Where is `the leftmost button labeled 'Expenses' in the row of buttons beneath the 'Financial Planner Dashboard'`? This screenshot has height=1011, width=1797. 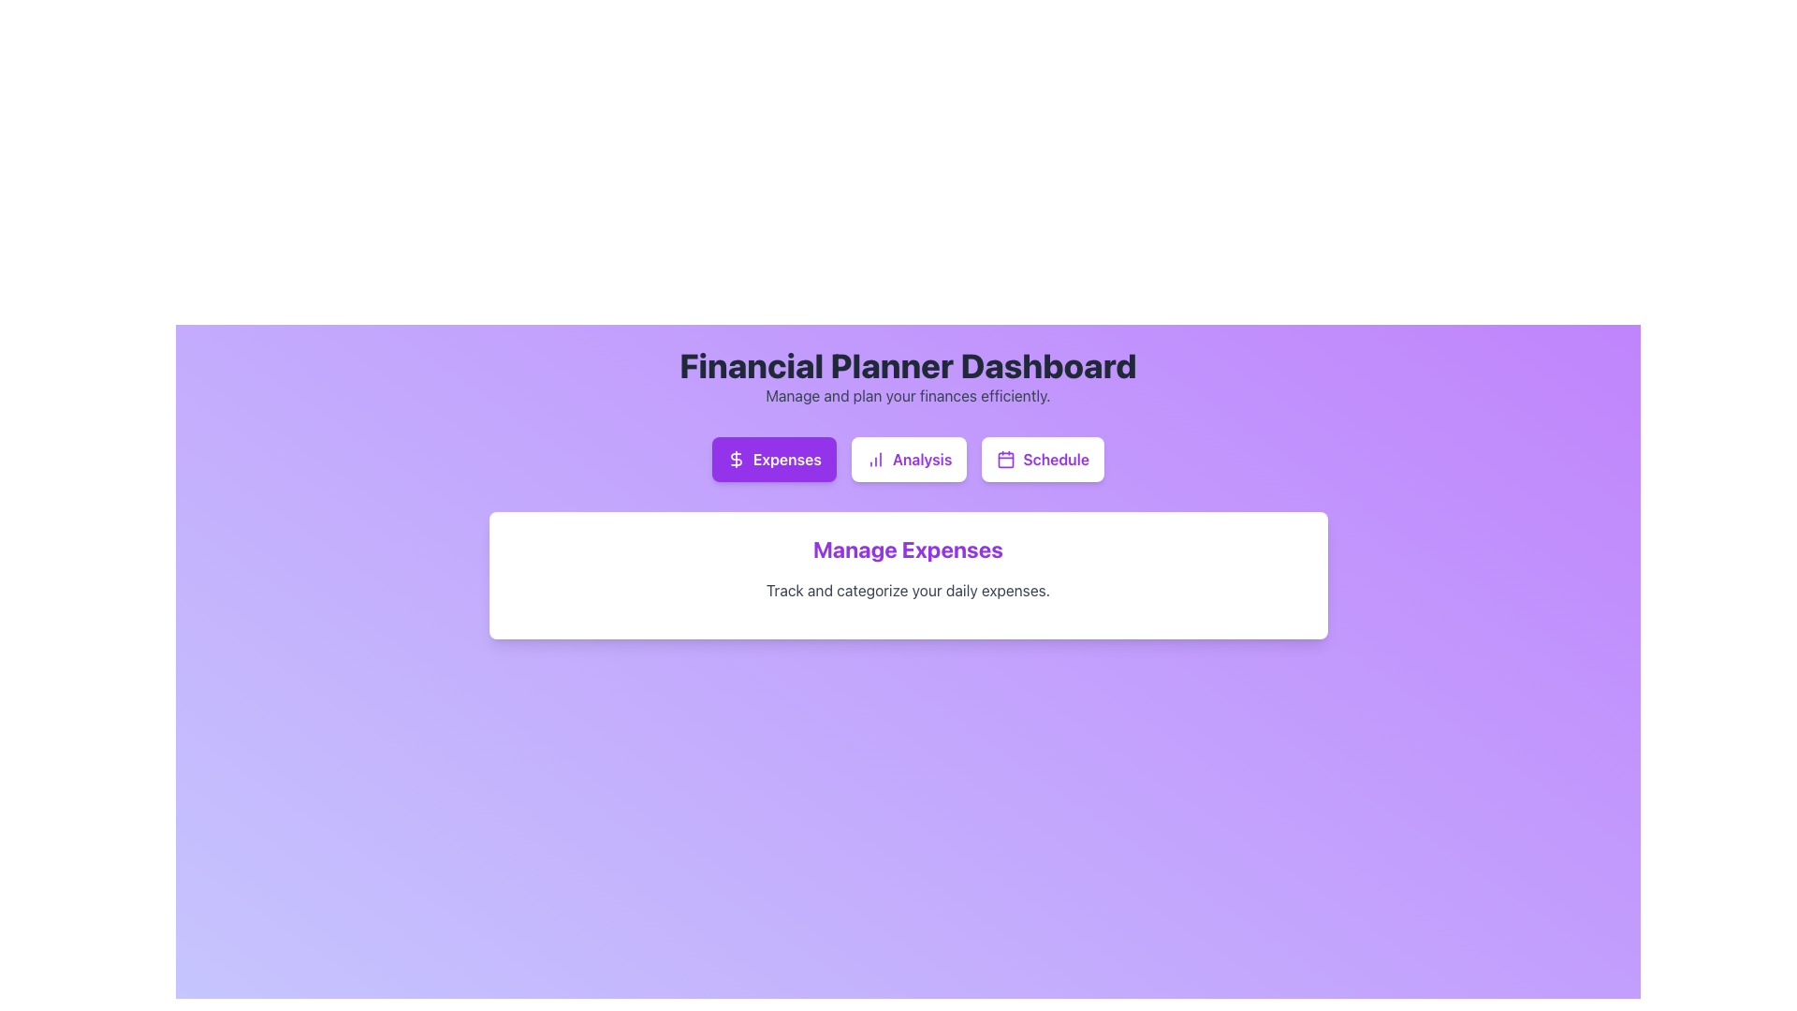
the leftmost button labeled 'Expenses' in the row of buttons beneath the 'Financial Planner Dashboard' is located at coordinates (774, 459).